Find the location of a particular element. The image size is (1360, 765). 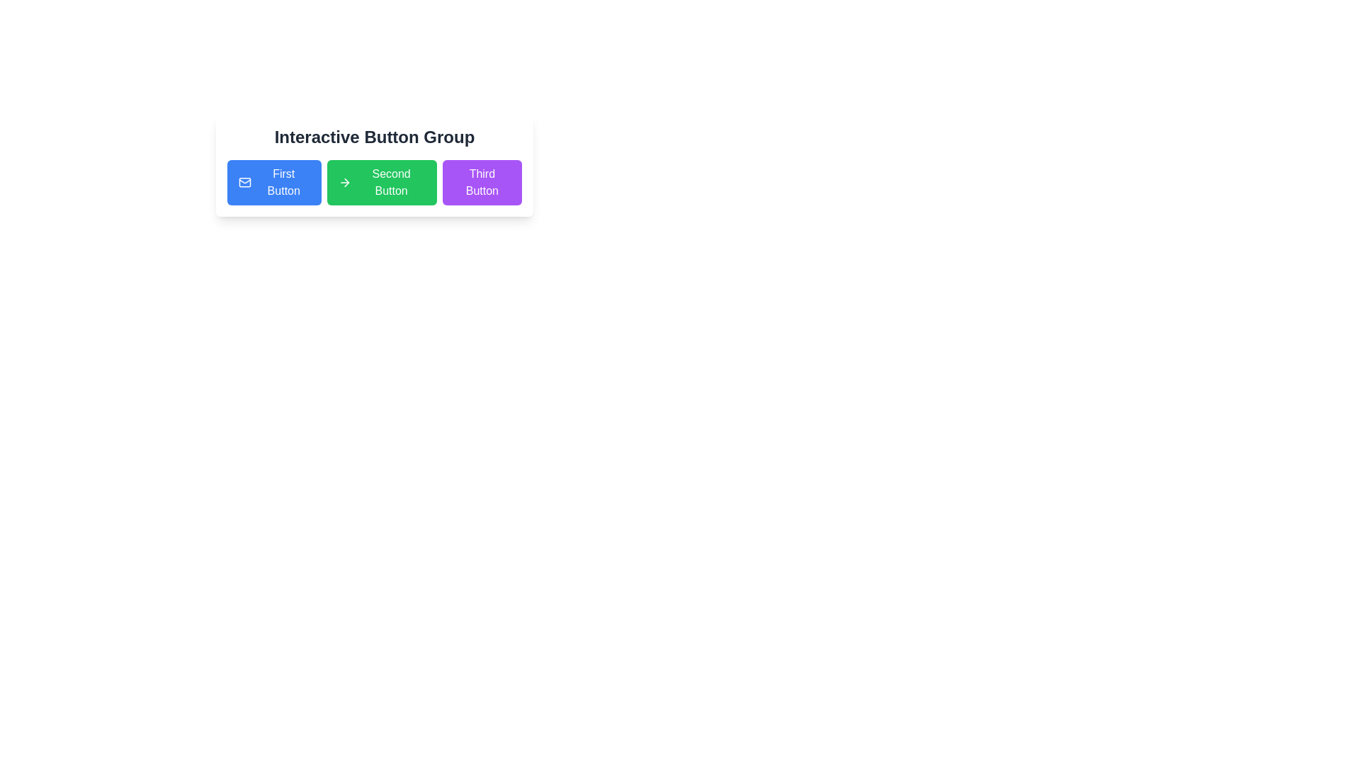

the position of the right-pointing arrow icon located in the 'Second Button' with a green background and a white arrow in the center is located at coordinates (345, 182).